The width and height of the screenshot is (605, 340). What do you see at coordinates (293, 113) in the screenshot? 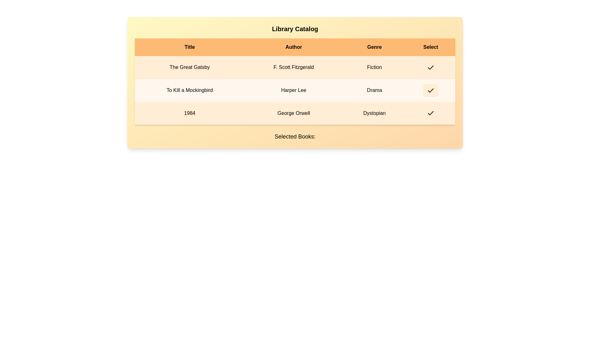
I see `the text label displaying 'George Orwell' in the Author column of the table, located in the second column of the third row` at bounding box center [293, 113].